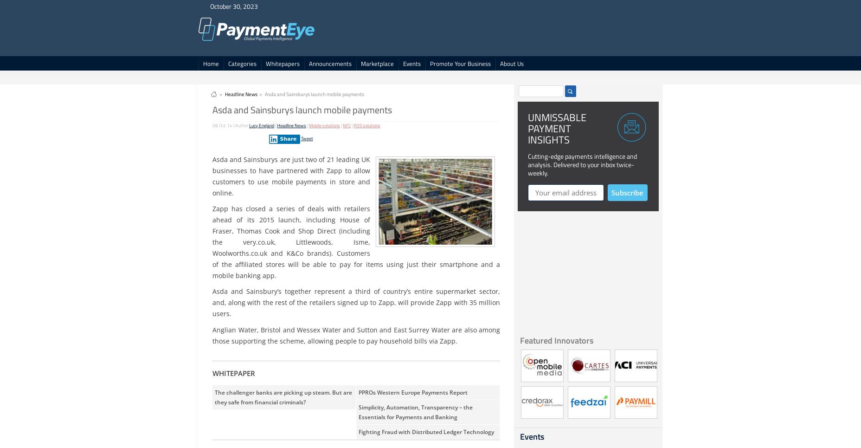 The height and width of the screenshot is (448, 861). Describe the element at coordinates (233, 6) in the screenshot. I see `'October 30, 2023'` at that location.